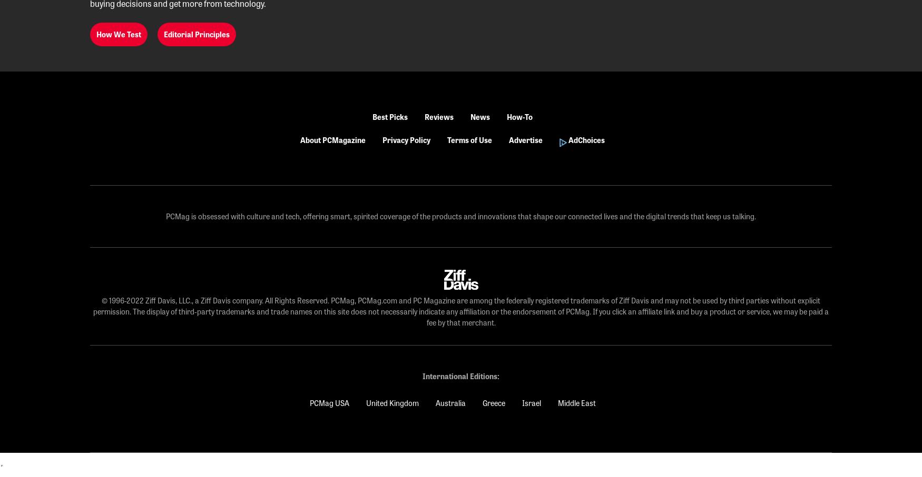 The image size is (922, 477). Describe the element at coordinates (163, 34) in the screenshot. I see `'Editorial Principles'` at that location.